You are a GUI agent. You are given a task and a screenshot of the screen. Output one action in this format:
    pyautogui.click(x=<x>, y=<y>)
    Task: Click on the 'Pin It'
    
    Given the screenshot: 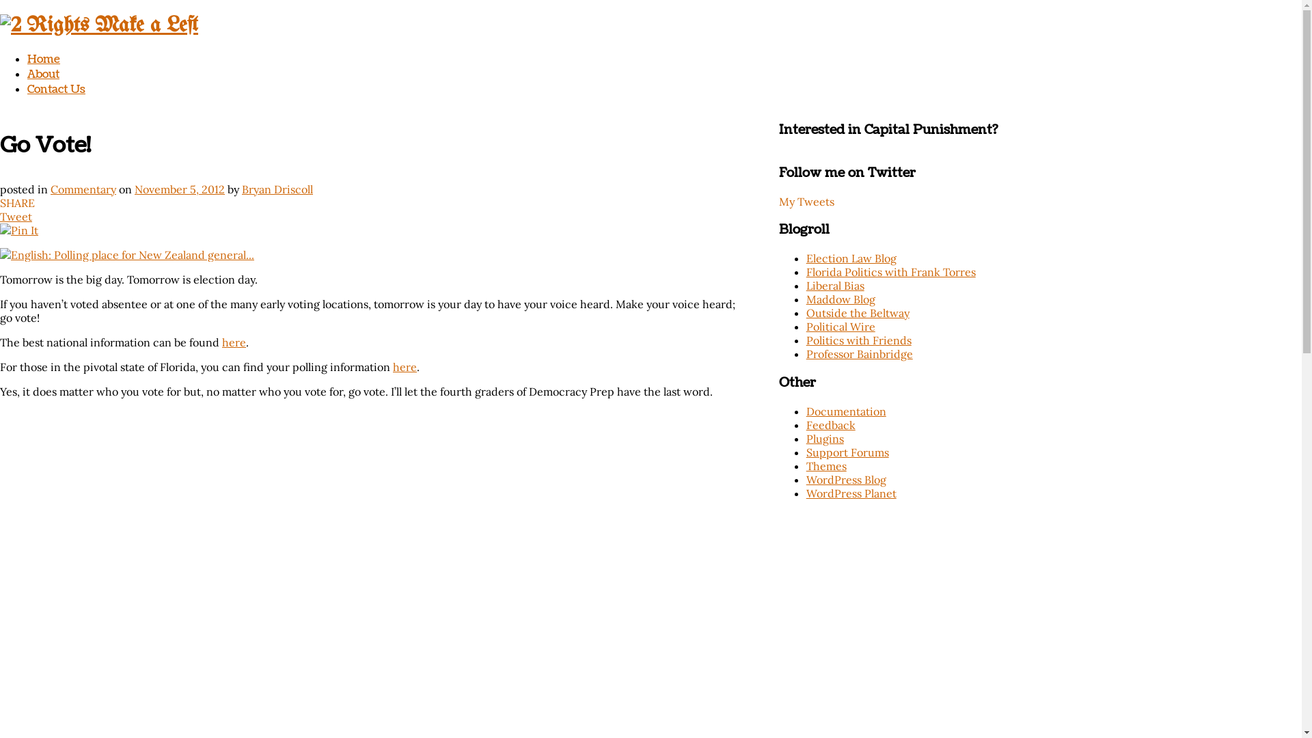 What is the action you would take?
    pyautogui.click(x=19, y=229)
    